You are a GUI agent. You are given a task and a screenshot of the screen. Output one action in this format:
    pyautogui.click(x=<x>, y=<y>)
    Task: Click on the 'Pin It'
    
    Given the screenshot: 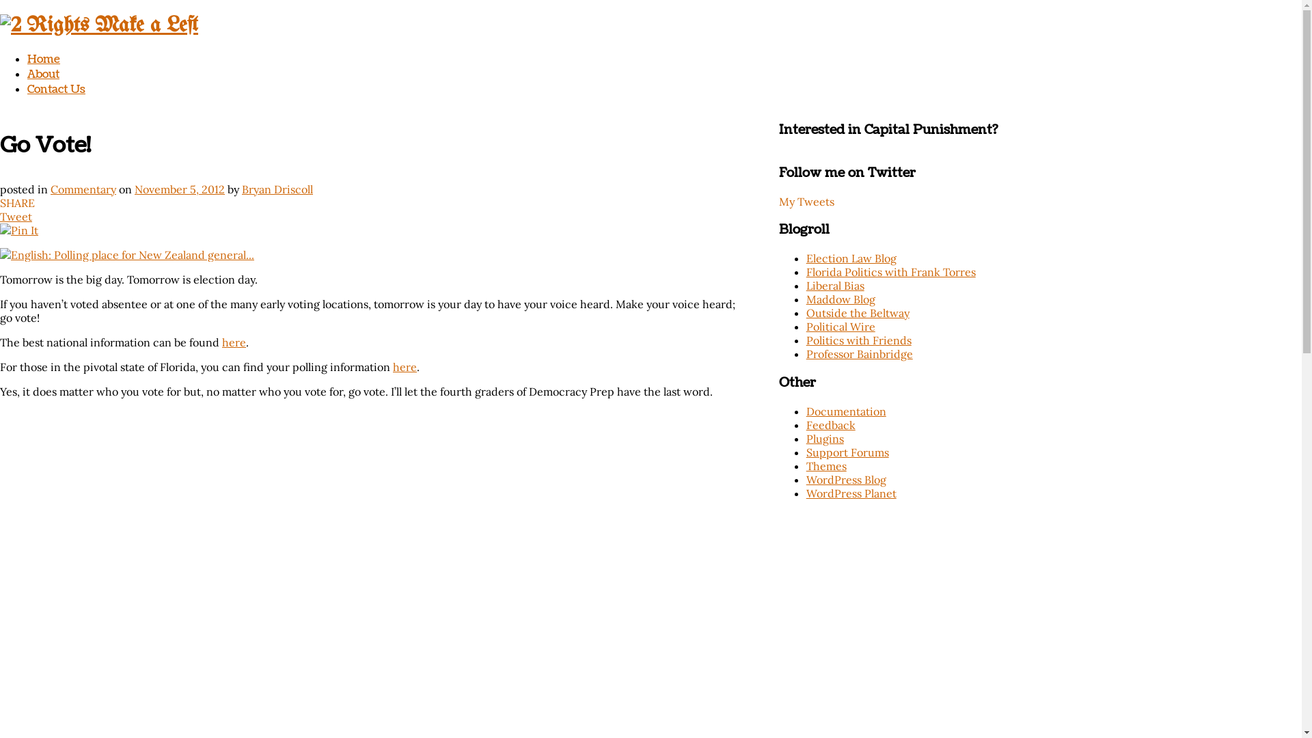 What is the action you would take?
    pyautogui.click(x=19, y=229)
    